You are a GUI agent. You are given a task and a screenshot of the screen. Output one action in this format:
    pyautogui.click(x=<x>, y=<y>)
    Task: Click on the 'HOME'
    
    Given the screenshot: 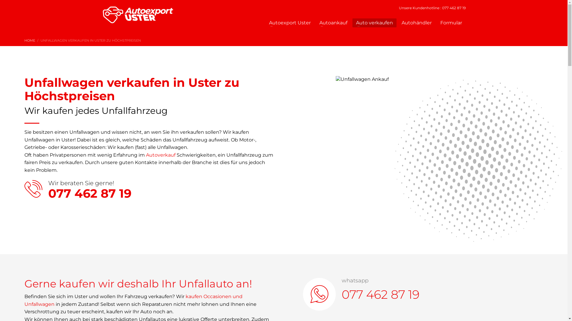 What is the action you would take?
    pyautogui.click(x=29, y=40)
    